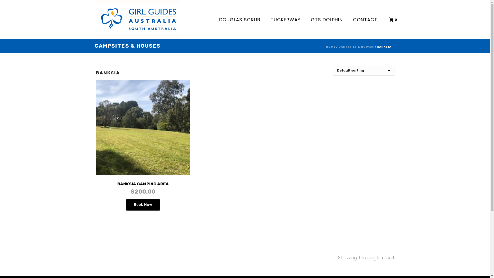  What do you see at coordinates (239, 19) in the screenshot?
I see `'DOUGLAS SCRUB'` at bounding box center [239, 19].